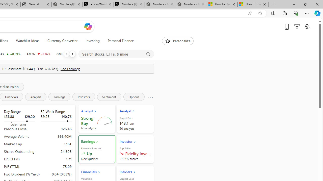 This screenshot has height=181, width=323. I want to click on 'Investing', so click(93, 41).